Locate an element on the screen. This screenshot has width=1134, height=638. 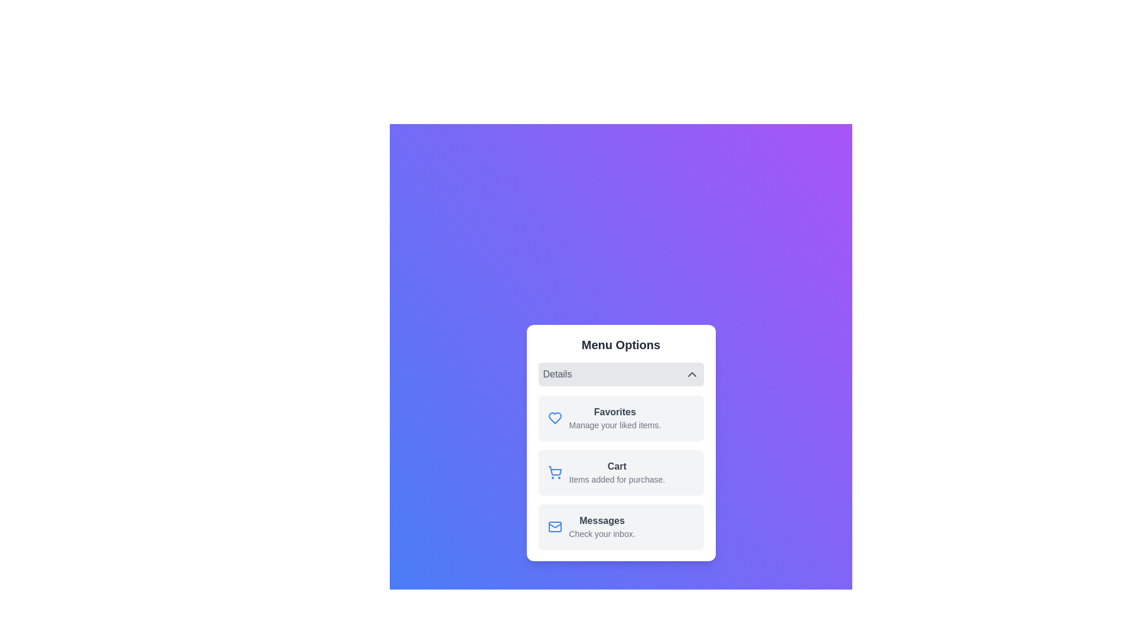
the menu item labeled Messages is located at coordinates (620, 526).